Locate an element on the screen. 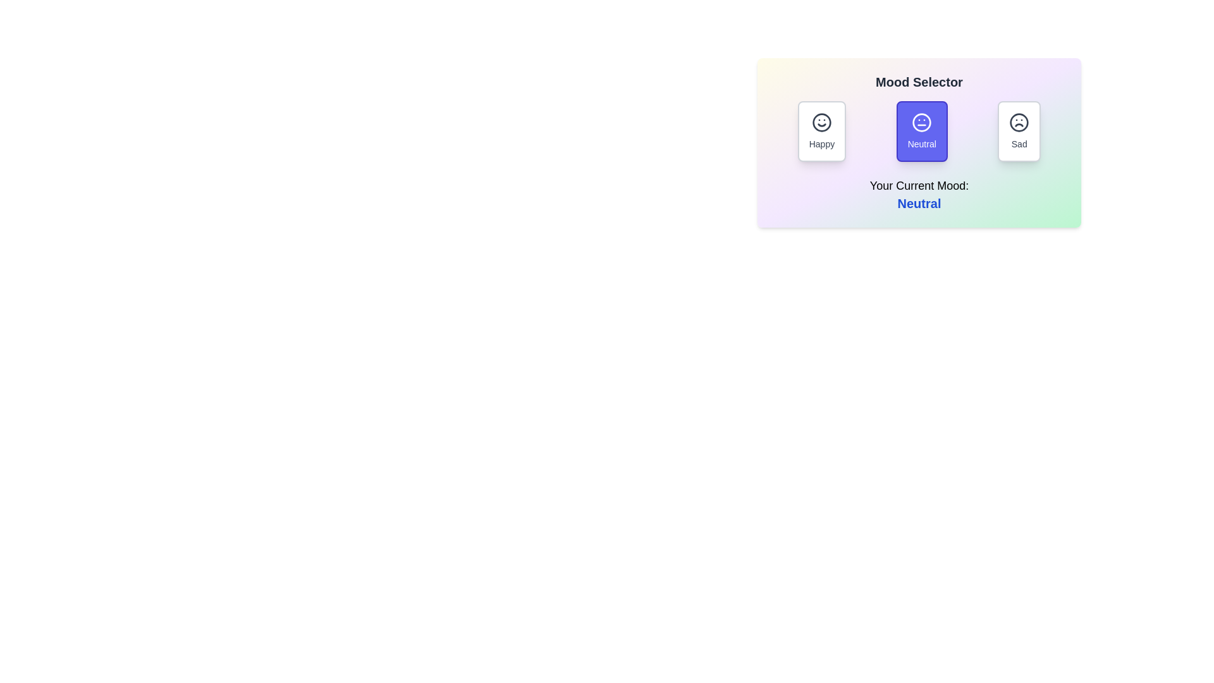 This screenshot has height=683, width=1214. the circular neutral face icon with straight-line eyes and mouth, located within the central button of the mood selector bar is located at coordinates (922, 122).